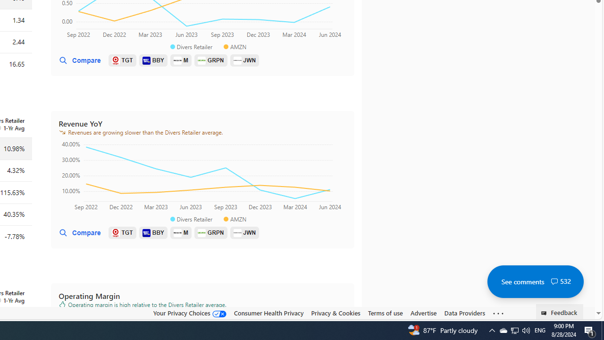  What do you see at coordinates (189, 313) in the screenshot?
I see `'Your Privacy Choices'` at bounding box center [189, 313].